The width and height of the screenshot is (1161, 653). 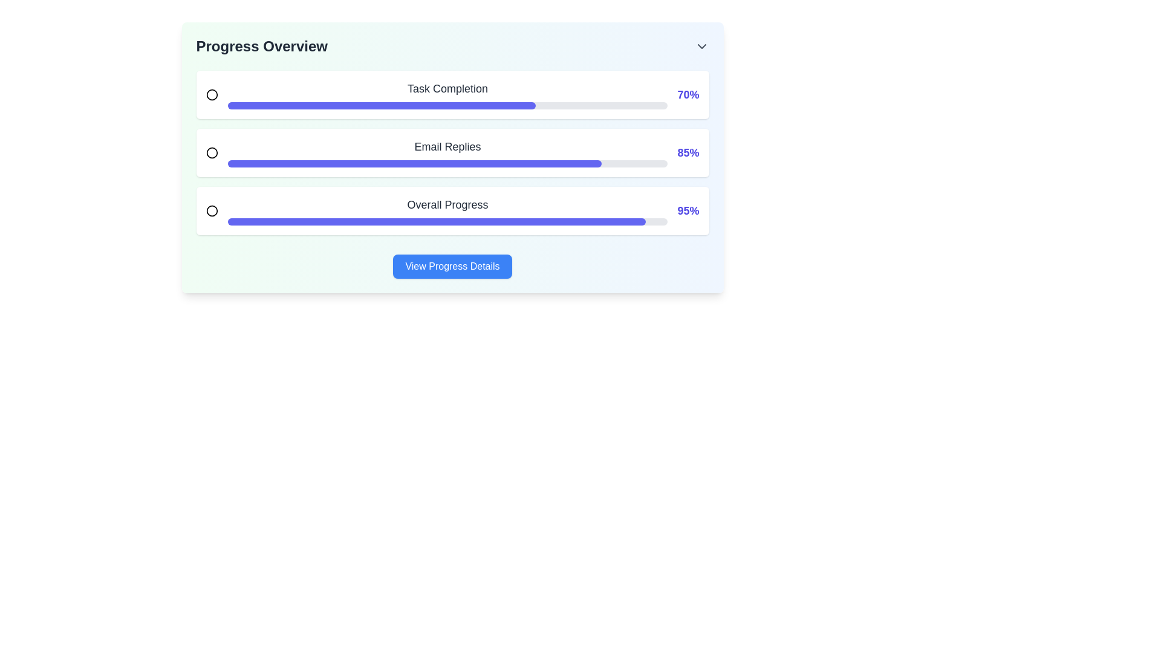 I want to click on the progress percentage of the 'Email Replies' progress bar, which shows 85% completion, so click(x=452, y=152).